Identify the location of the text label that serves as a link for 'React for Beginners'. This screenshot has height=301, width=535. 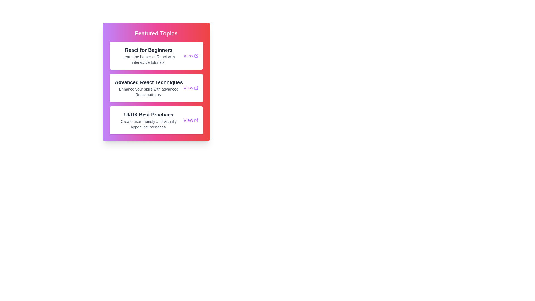
(188, 56).